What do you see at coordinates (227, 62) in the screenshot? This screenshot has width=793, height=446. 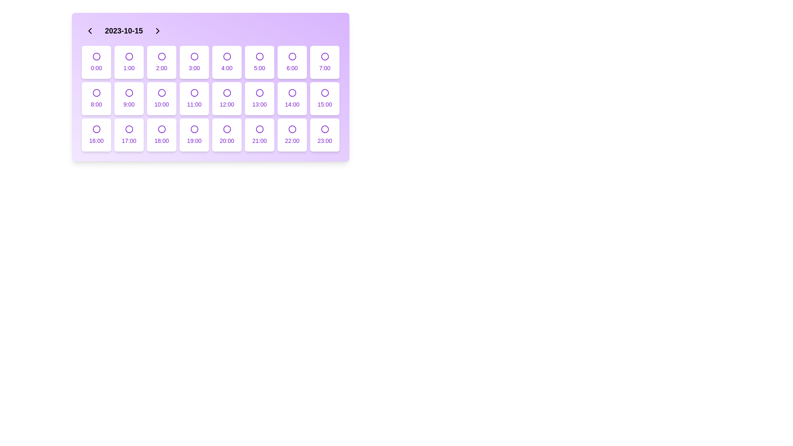 I see `the small rectangular button with rounded corners and purple text displaying '4:00', located in the first row and fifth column of a calendar-like interface` at bounding box center [227, 62].